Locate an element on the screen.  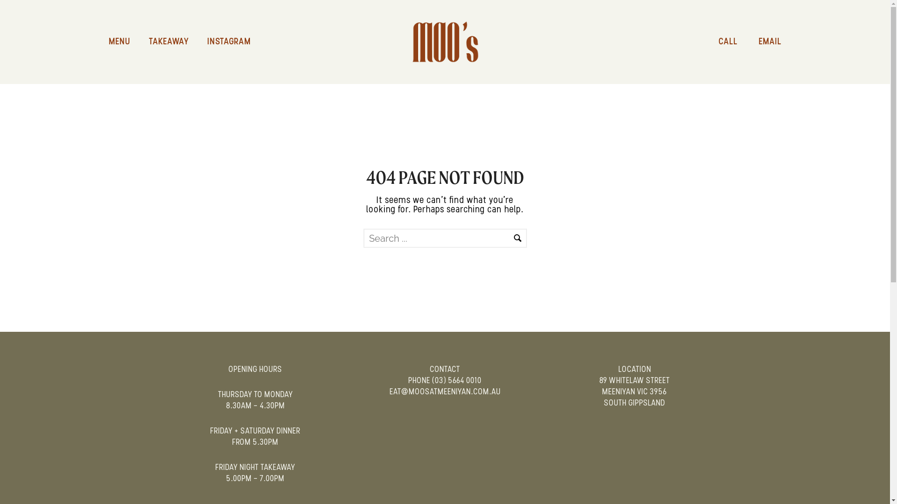
'EMAIL' is located at coordinates (761, 41).